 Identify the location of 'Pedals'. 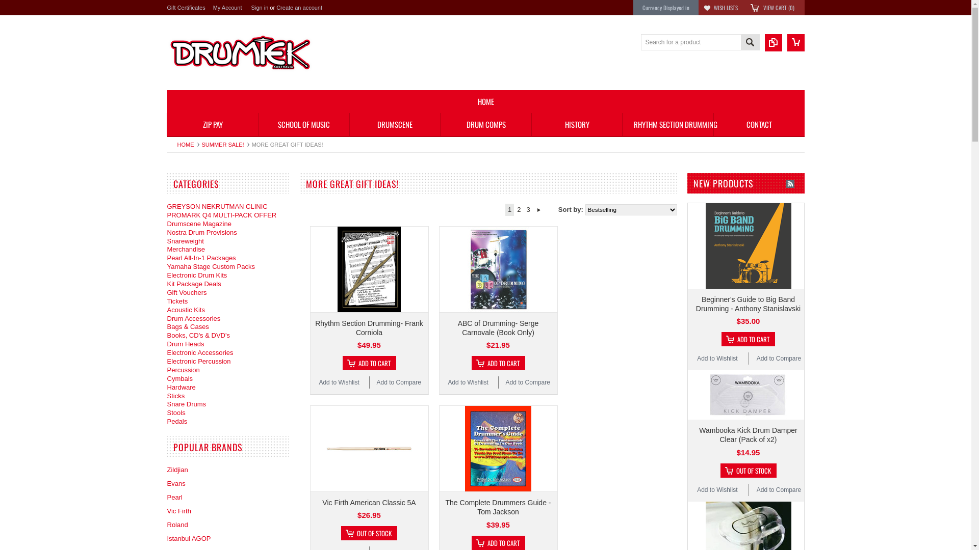
(177, 421).